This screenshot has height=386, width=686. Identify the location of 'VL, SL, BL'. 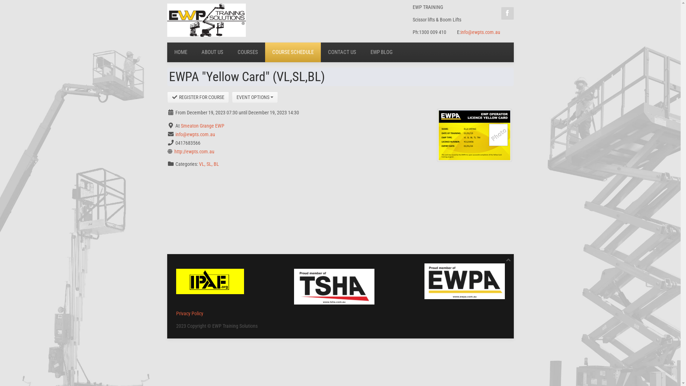
(199, 164).